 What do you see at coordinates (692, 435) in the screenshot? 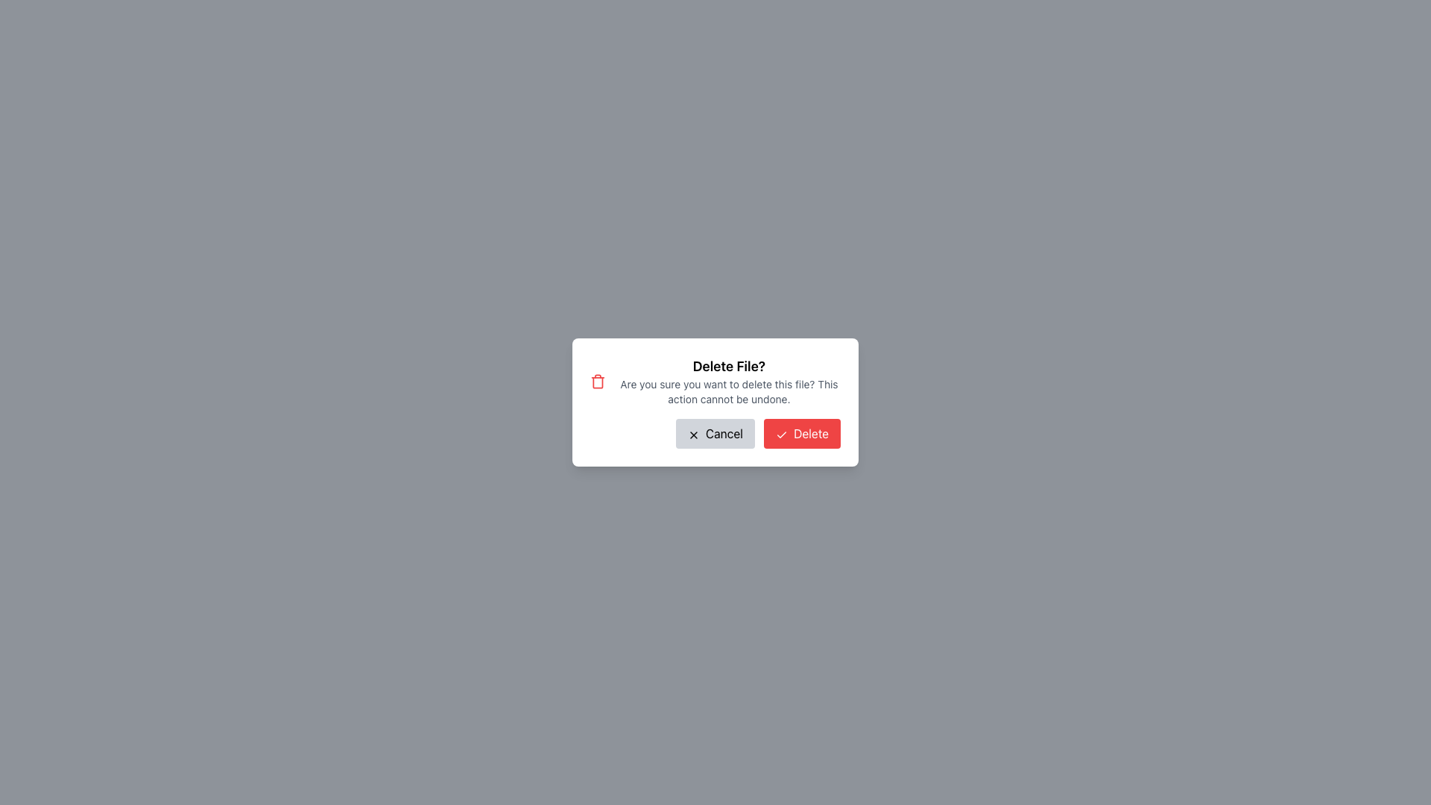
I see `the decorative icon located to the left of the 'Cancel' text in the Cancel button, which serves as a visual indicator for the 'Cancel' action` at bounding box center [692, 435].